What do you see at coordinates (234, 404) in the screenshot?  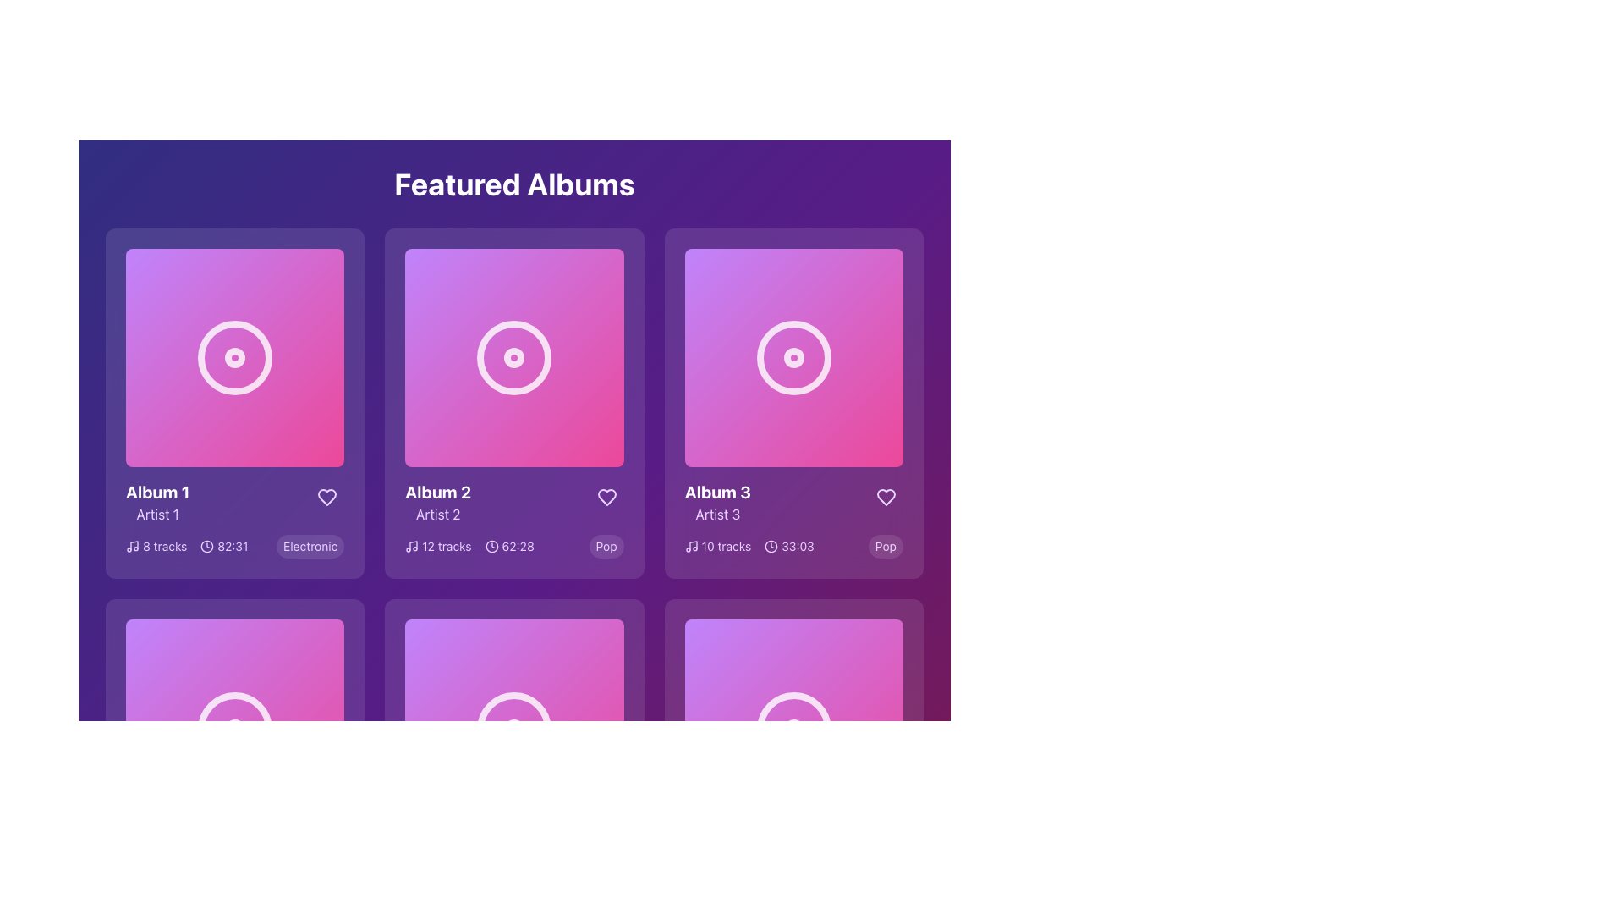 I see `the first album card in the 'Featured Albums' section` at bounding box center [234, 404].